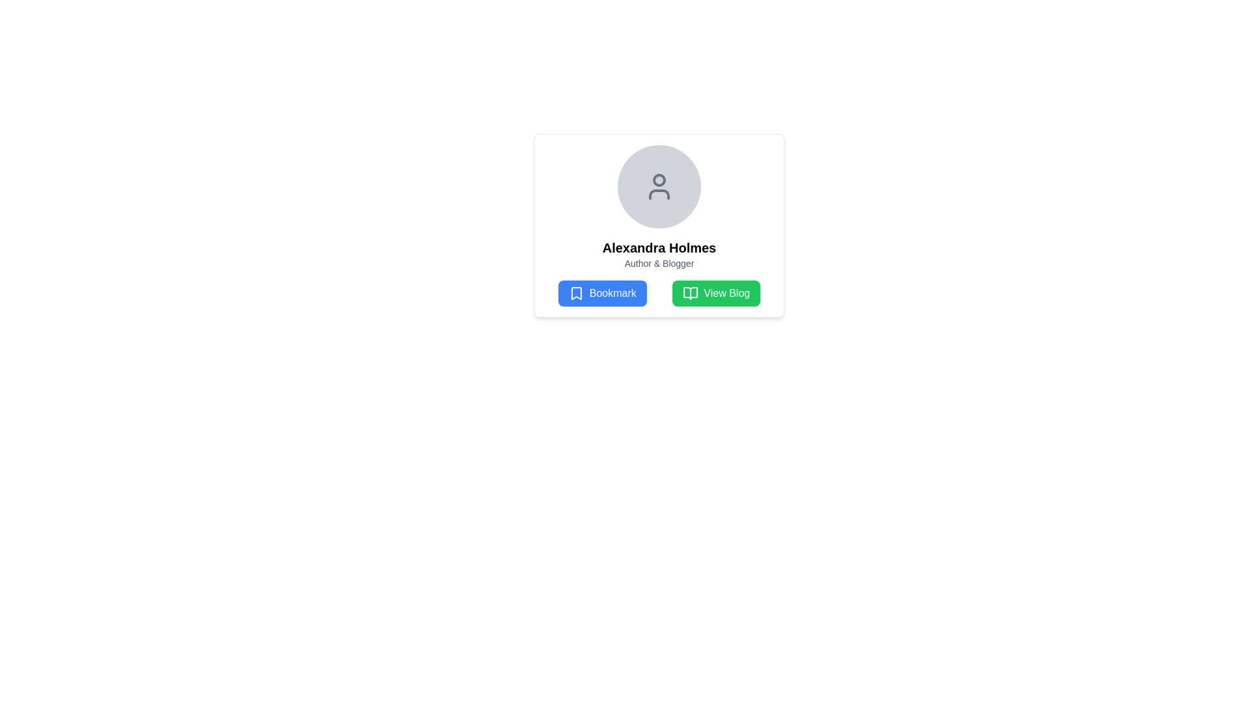 The height and width of the screenshot is (703, 1251). I want to click on the outlined open book icon with a green background that is part of the 'View Blog' button, positioned to the left of the button's text, so click(690, 294).